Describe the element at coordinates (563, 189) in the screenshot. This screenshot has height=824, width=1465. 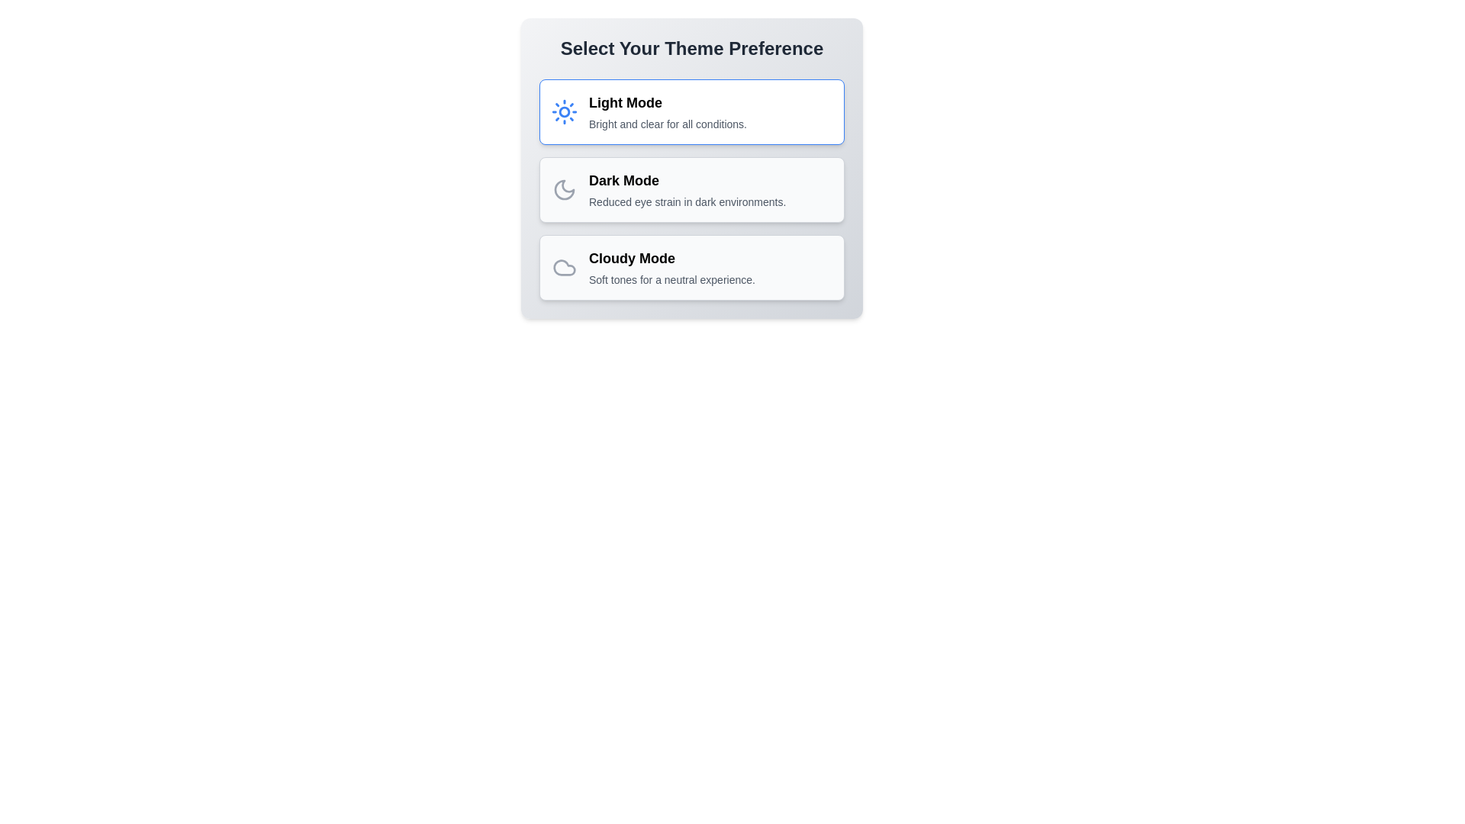
I see `the 'Dark Mode' icon, which is the left-most element within the 'Dark Mode' option, adjacent to the descriptive text elements, to visually indicate the theme's purpose` at that location.